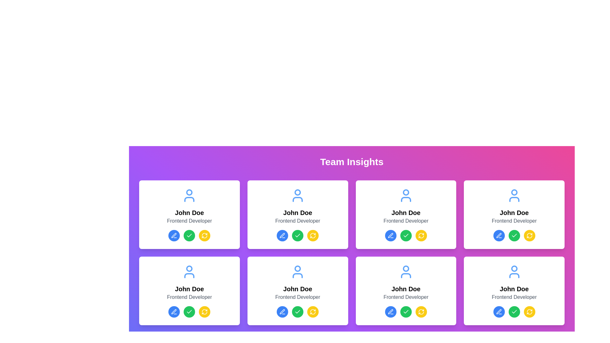 This screenshot has width=610, height=343. I want to click on the confirmation button located at the bottom of the white card displaying user information for 'John Doe', the Frontend Developer, so click(514, 312).